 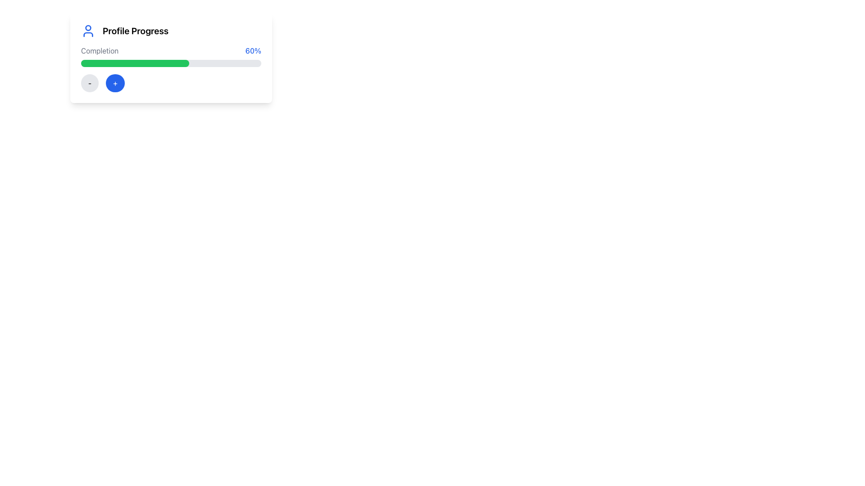 What do you see at coordinates (134, 63) in the screenshot?
I see `the Progress Indicator element that visually represents the progress percentage within the progress bar component, located below the 'Completion' label and the numeric '60%' indicator` at bounding box center [134, 63].